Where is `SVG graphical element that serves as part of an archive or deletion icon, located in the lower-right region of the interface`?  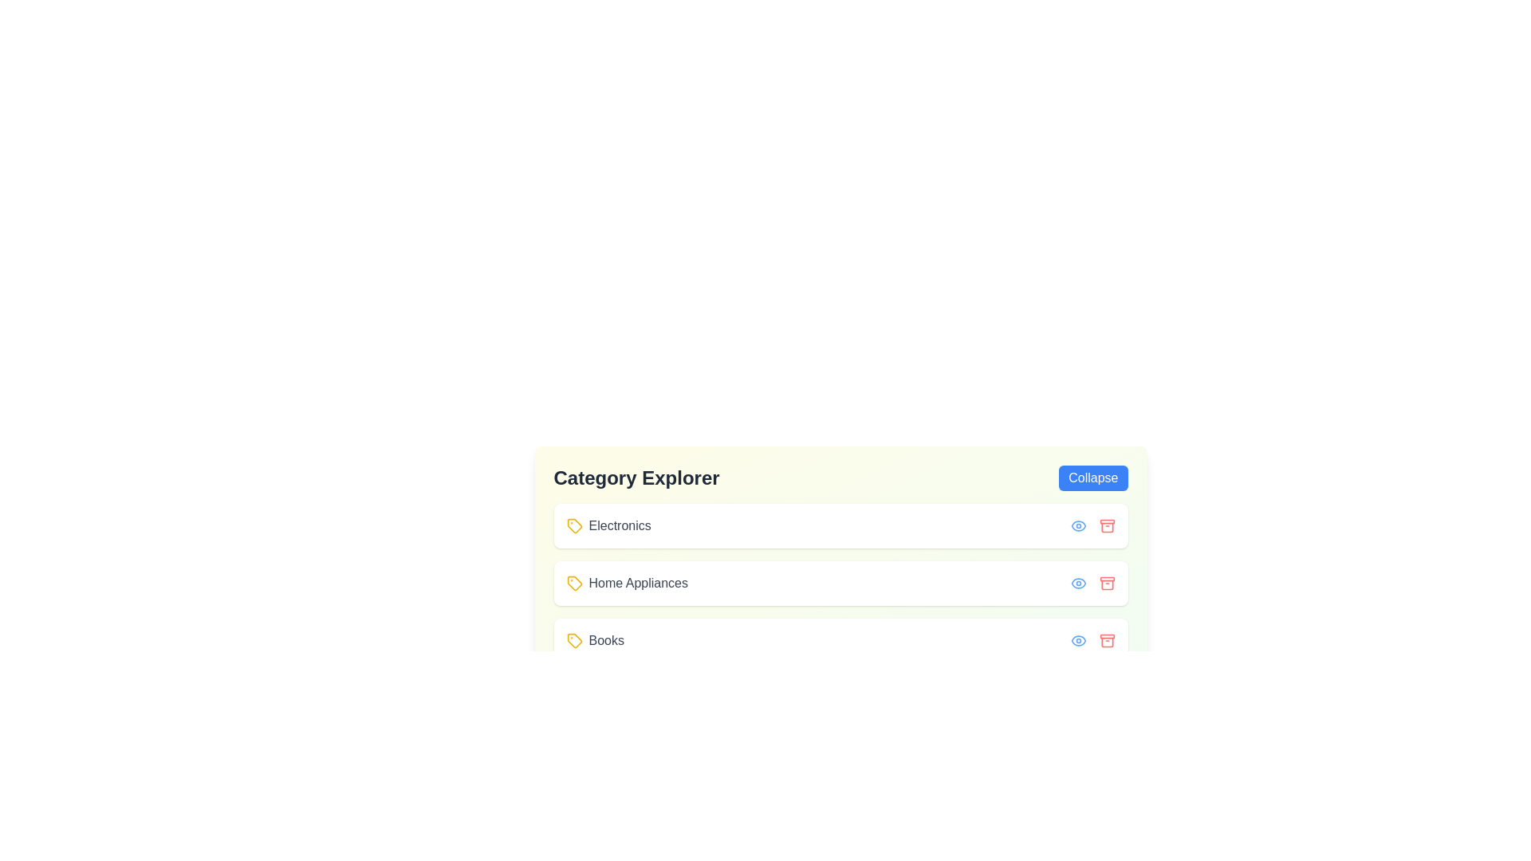
SVG graphical element that serves as part of an archive or deletion icon, located in the lower-right region of the interface is located at coordinates (1106, 579).